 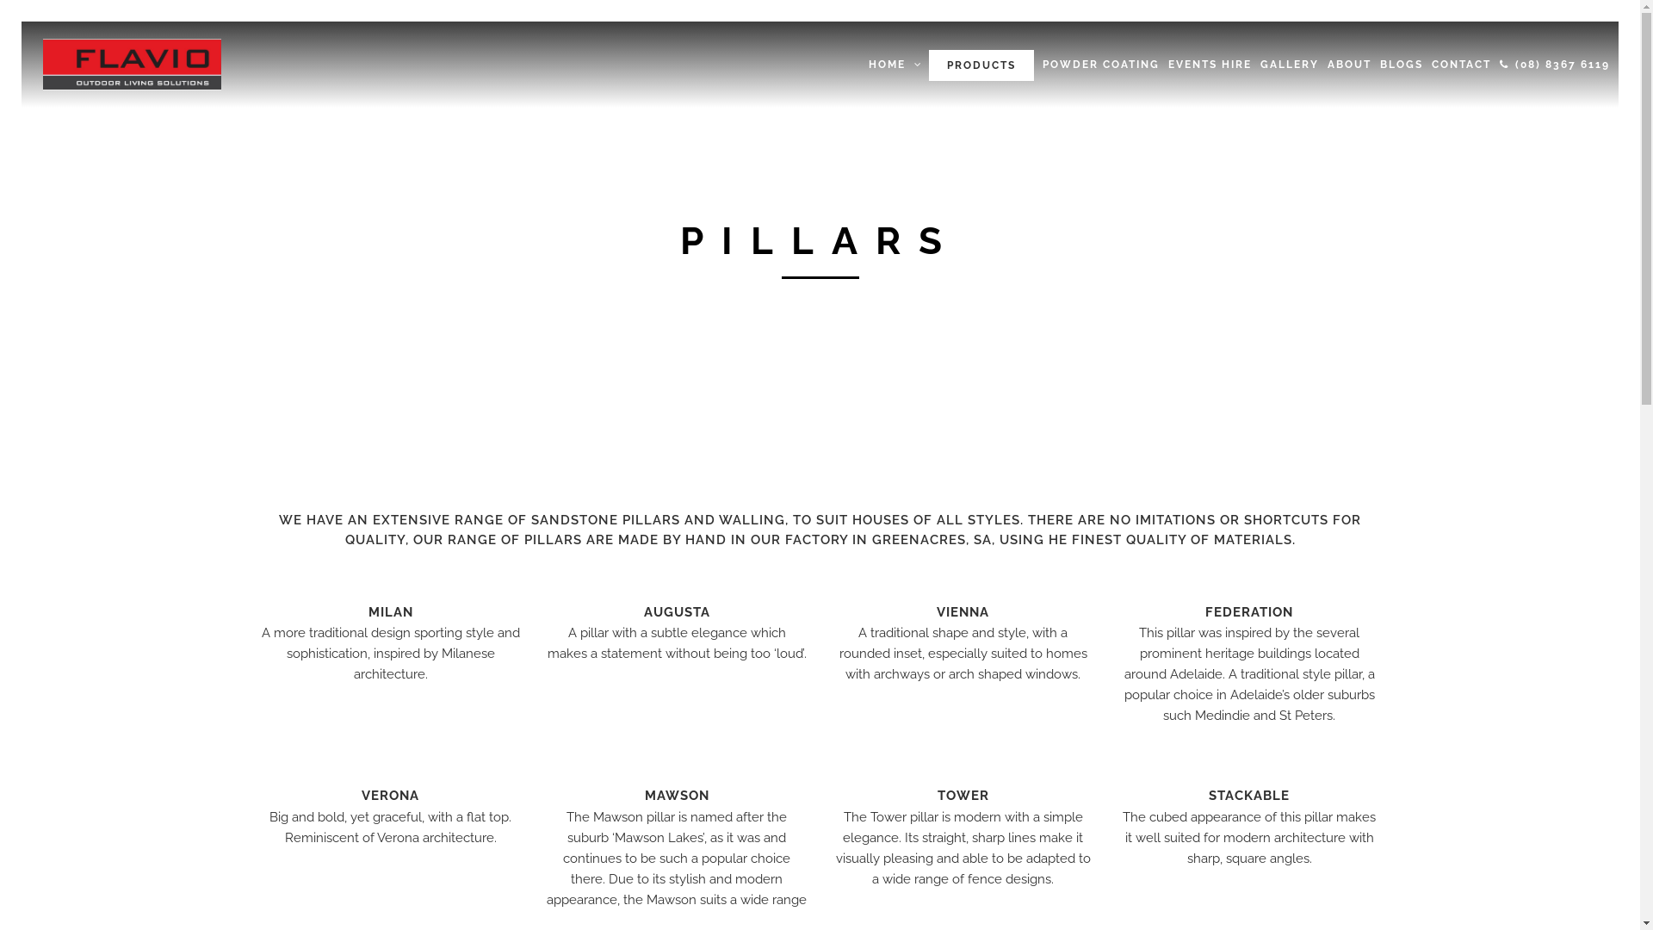 I want to click on 'BLOGS', so click(x=1401, y=63).